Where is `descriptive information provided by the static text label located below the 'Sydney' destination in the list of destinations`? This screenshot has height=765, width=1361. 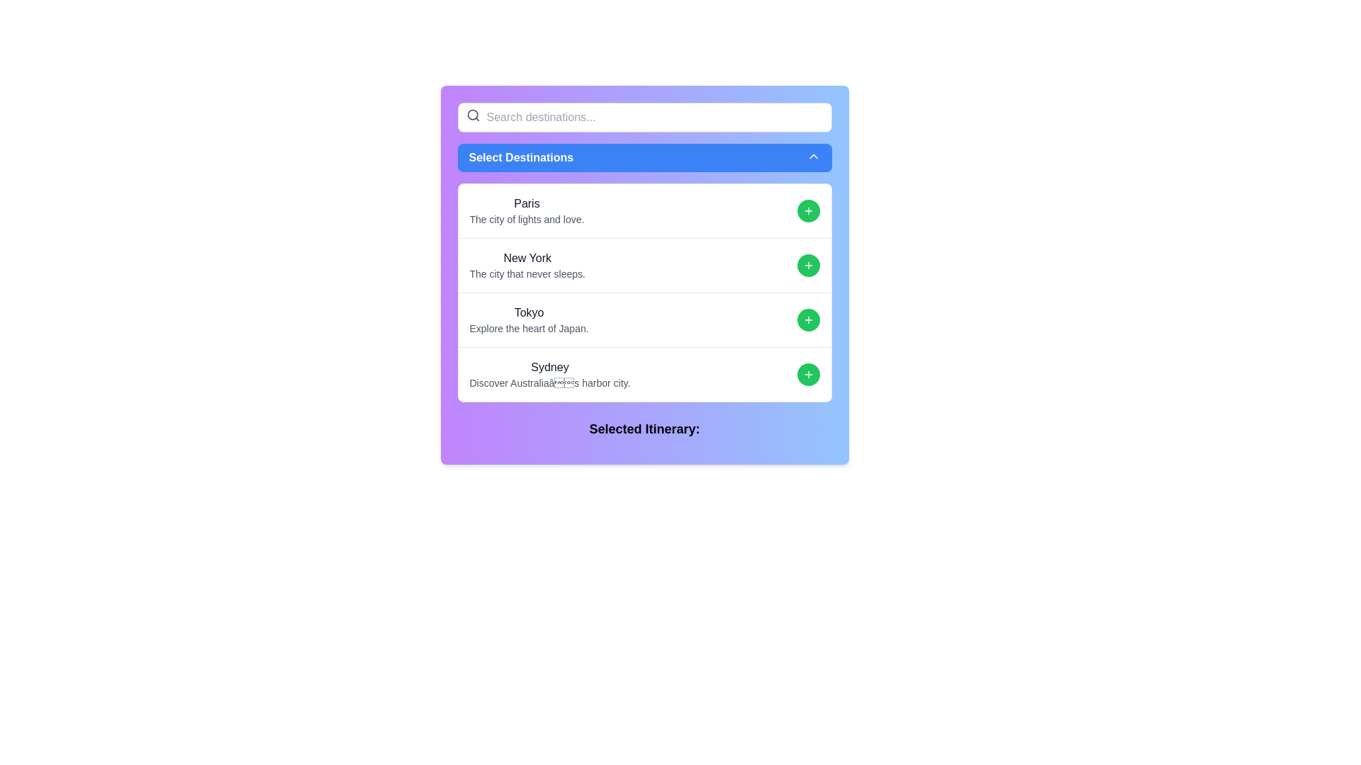
descriptive information provided by the static text label located below the 'Sydney' destination in the list of destinations is located at coordinates (549, 382).